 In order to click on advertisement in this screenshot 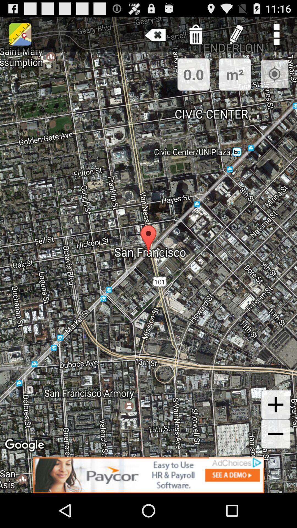, I will do `click(148, 475)`.